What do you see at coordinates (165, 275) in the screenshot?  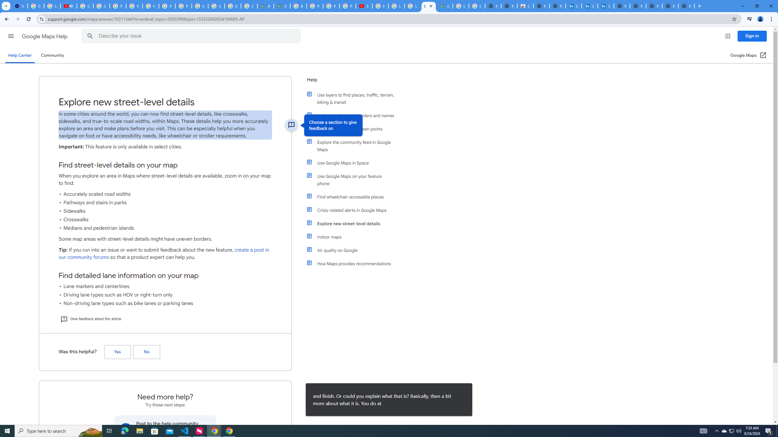 I see `'Find detailed lane information on your map'` at bounding box center [165, 275].